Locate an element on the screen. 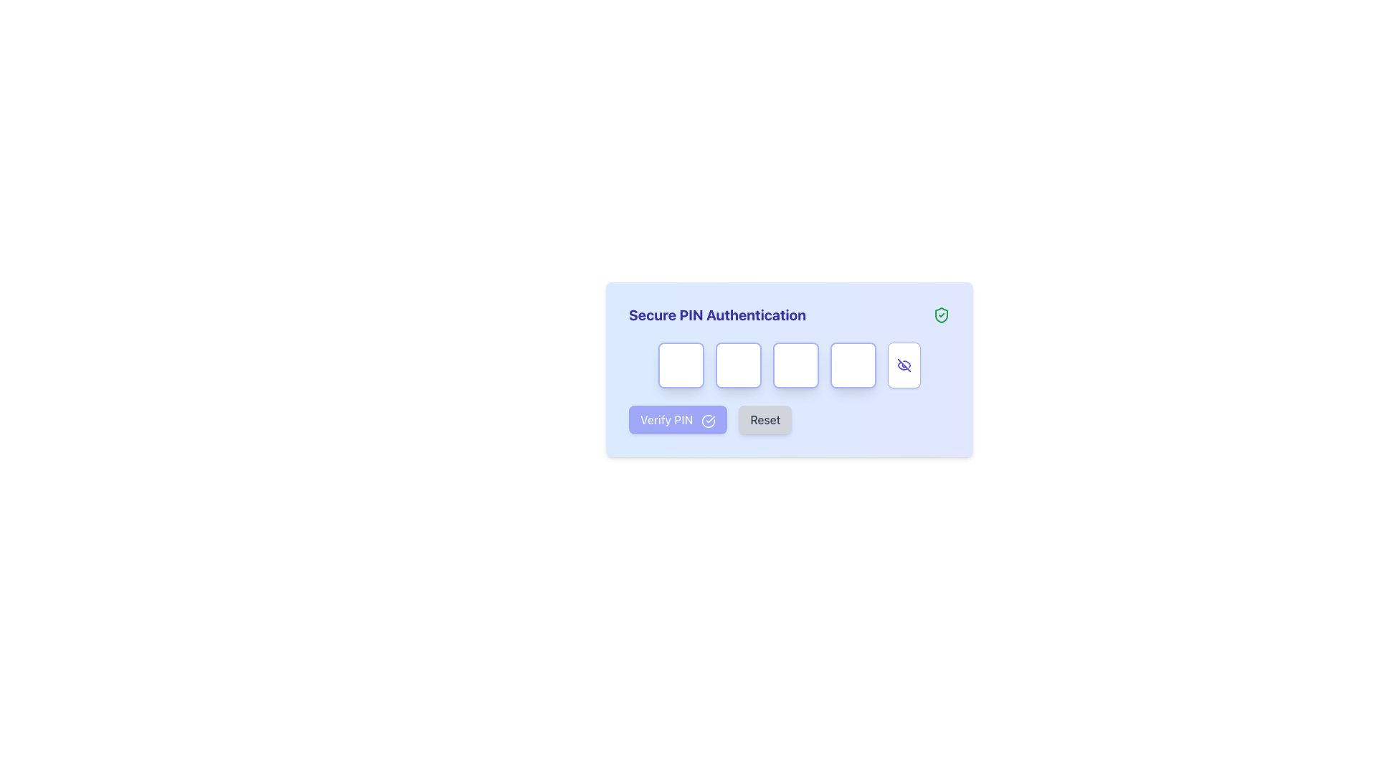 This screenshot has width=1377, height=774. the 'Reset' button located to the immediate right of the 'Verify PIN' button is located at coordinates (765, 419).